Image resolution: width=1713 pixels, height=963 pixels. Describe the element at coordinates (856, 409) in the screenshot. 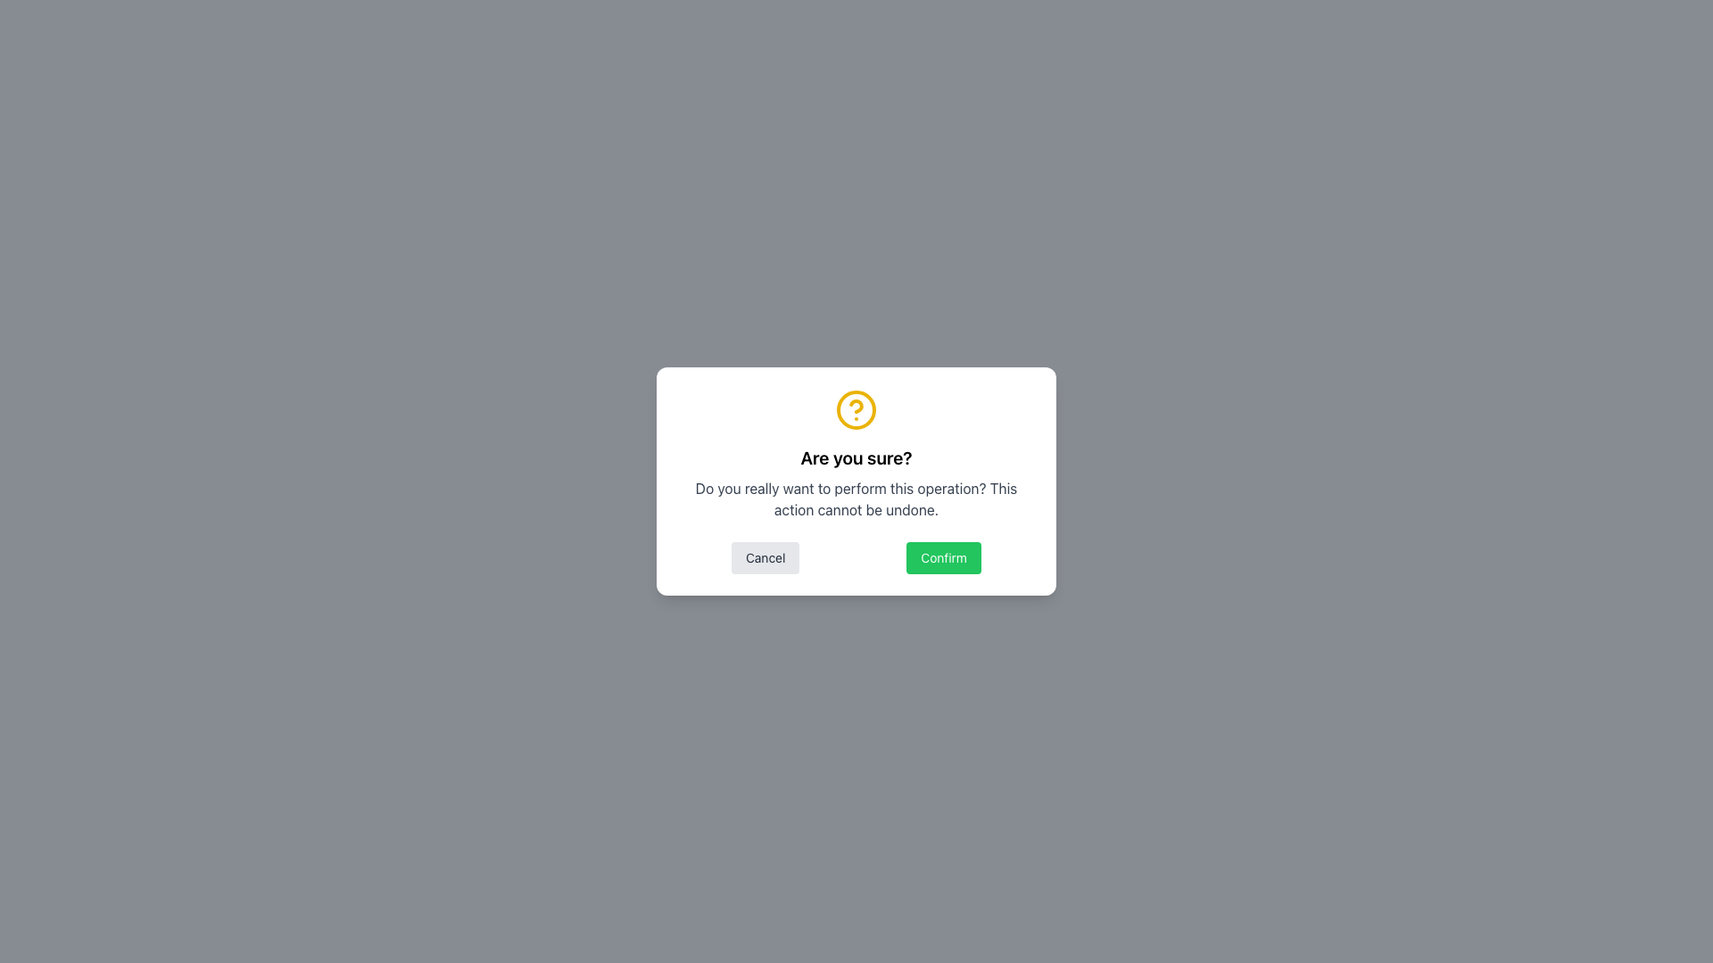

I see `the yellow circular icon with a question mark at its center, which is located above the confirmation dialog box titled 'Are you sure?'` at that location.